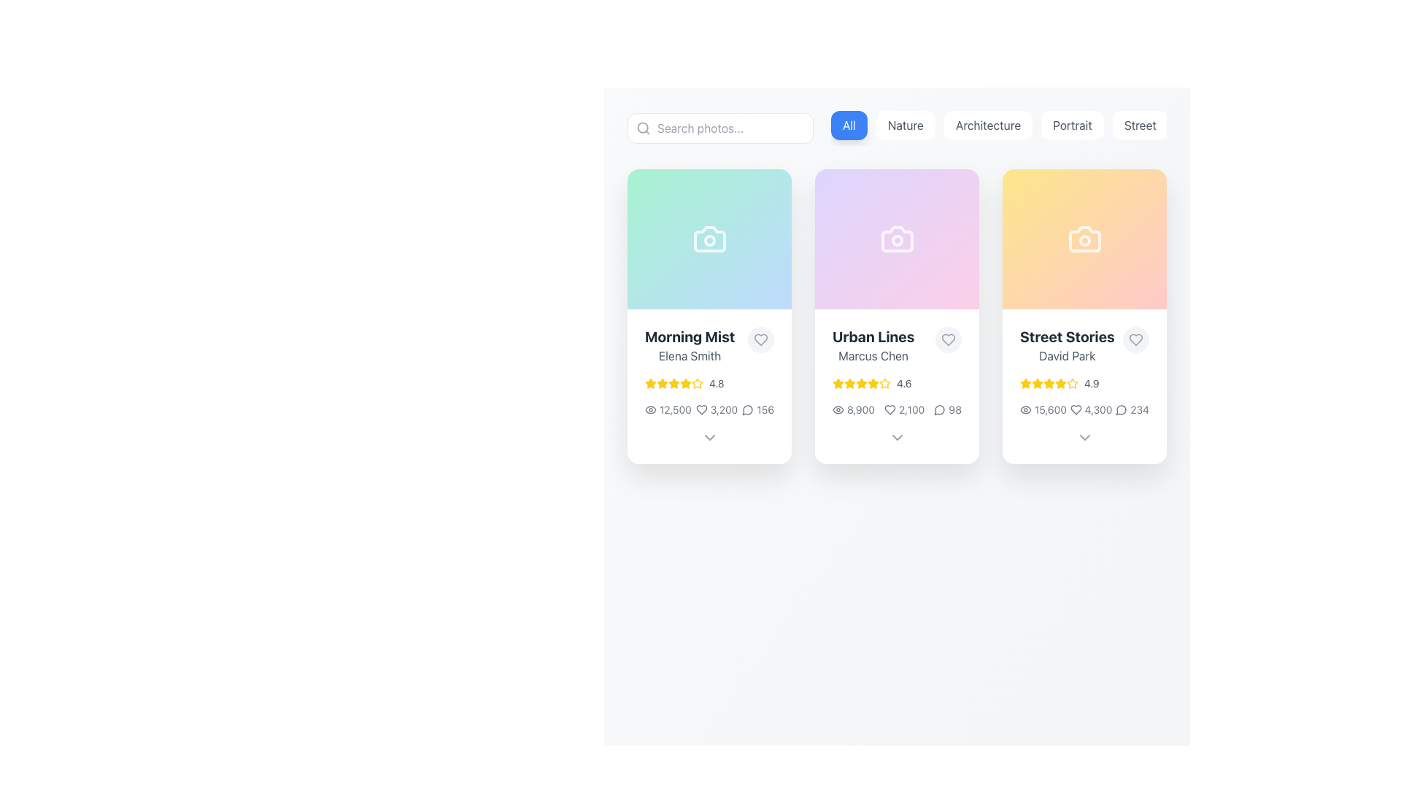  Describe the element at coordinates (1084, 410) in the screenshot. I see `the heart icon in the text and icon information strip located at the bottom of the 'Street Stories' card to like` at that location.